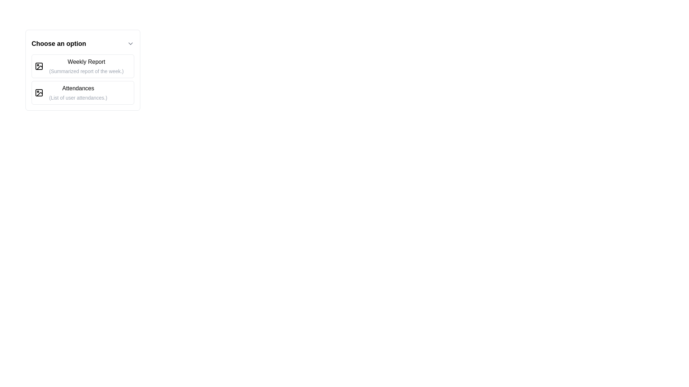 This screenshot has height=387, width=689. I want to click on the static text element located below the 'Attendances' title, which provides supplementary information, so click(78, 98).